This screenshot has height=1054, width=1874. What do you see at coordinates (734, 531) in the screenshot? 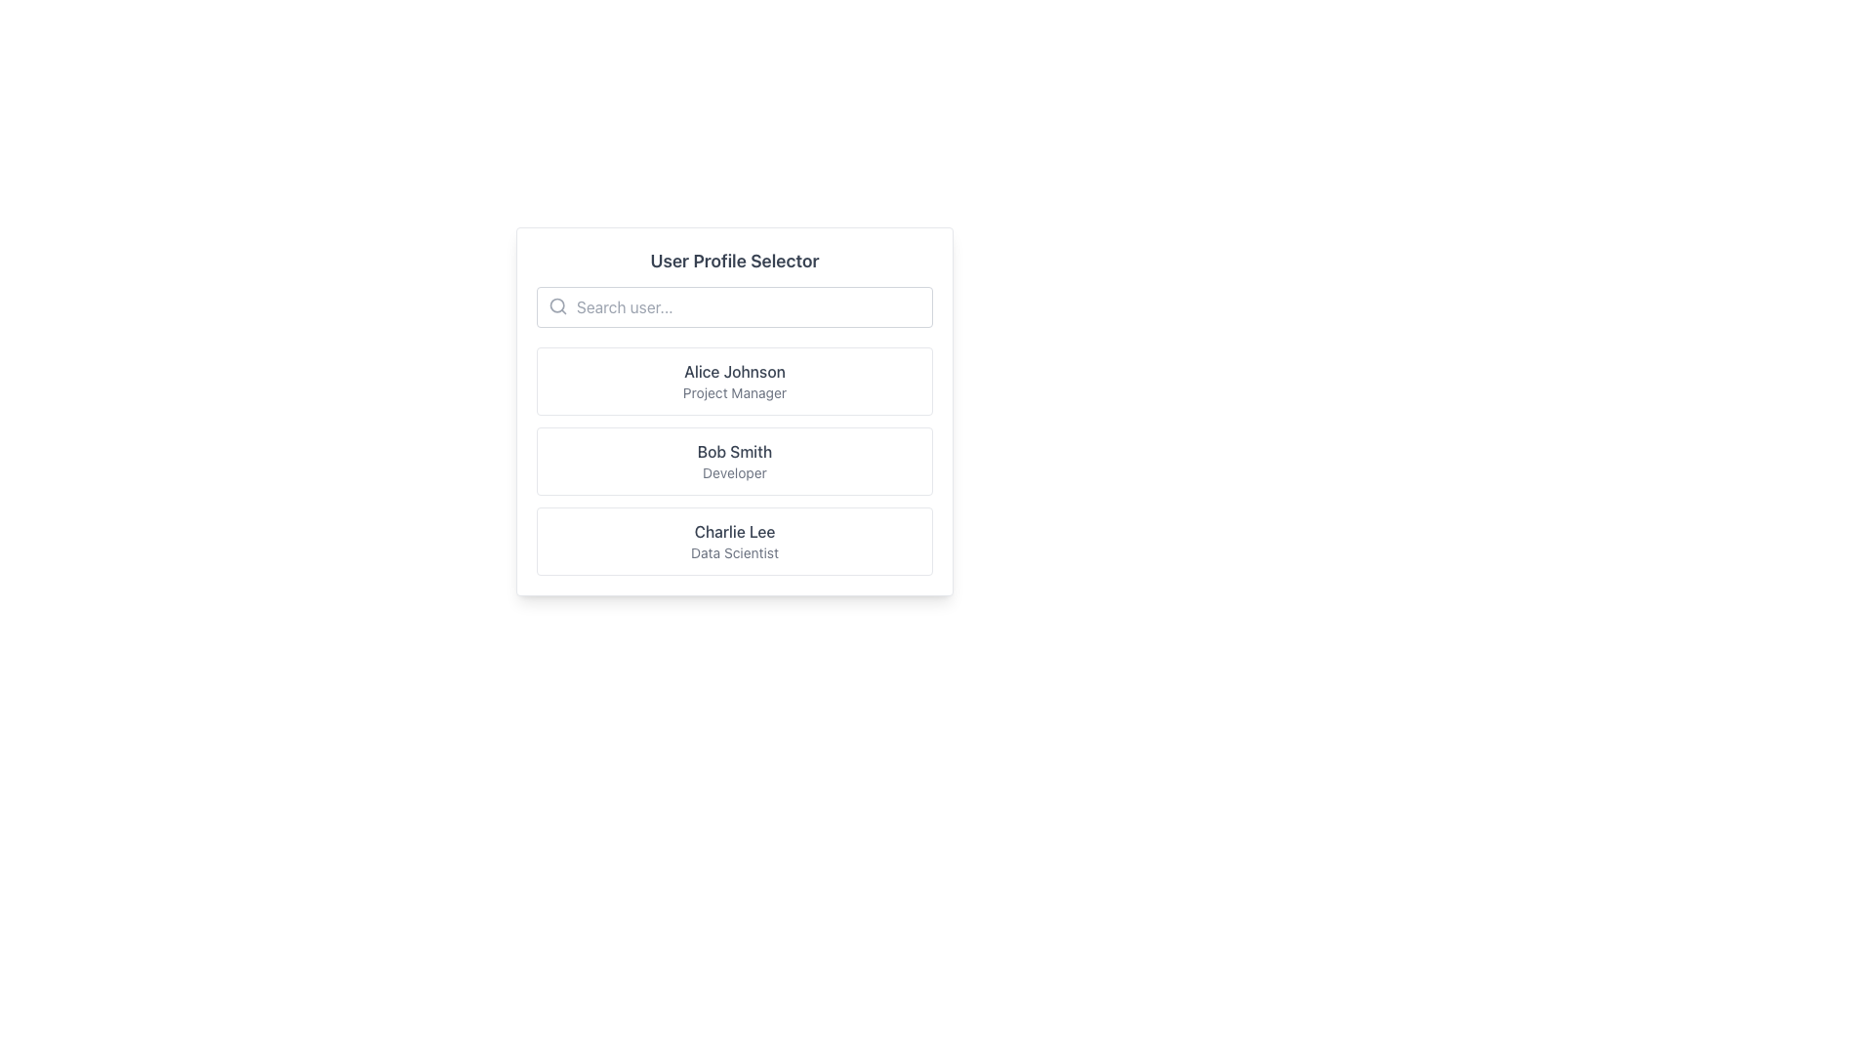
I see `the 'Charlie Lee' text label element, which is prominently displayed in bold, medium gray font within the third card of the user profile selector interface` at bounding box center [734, 531].